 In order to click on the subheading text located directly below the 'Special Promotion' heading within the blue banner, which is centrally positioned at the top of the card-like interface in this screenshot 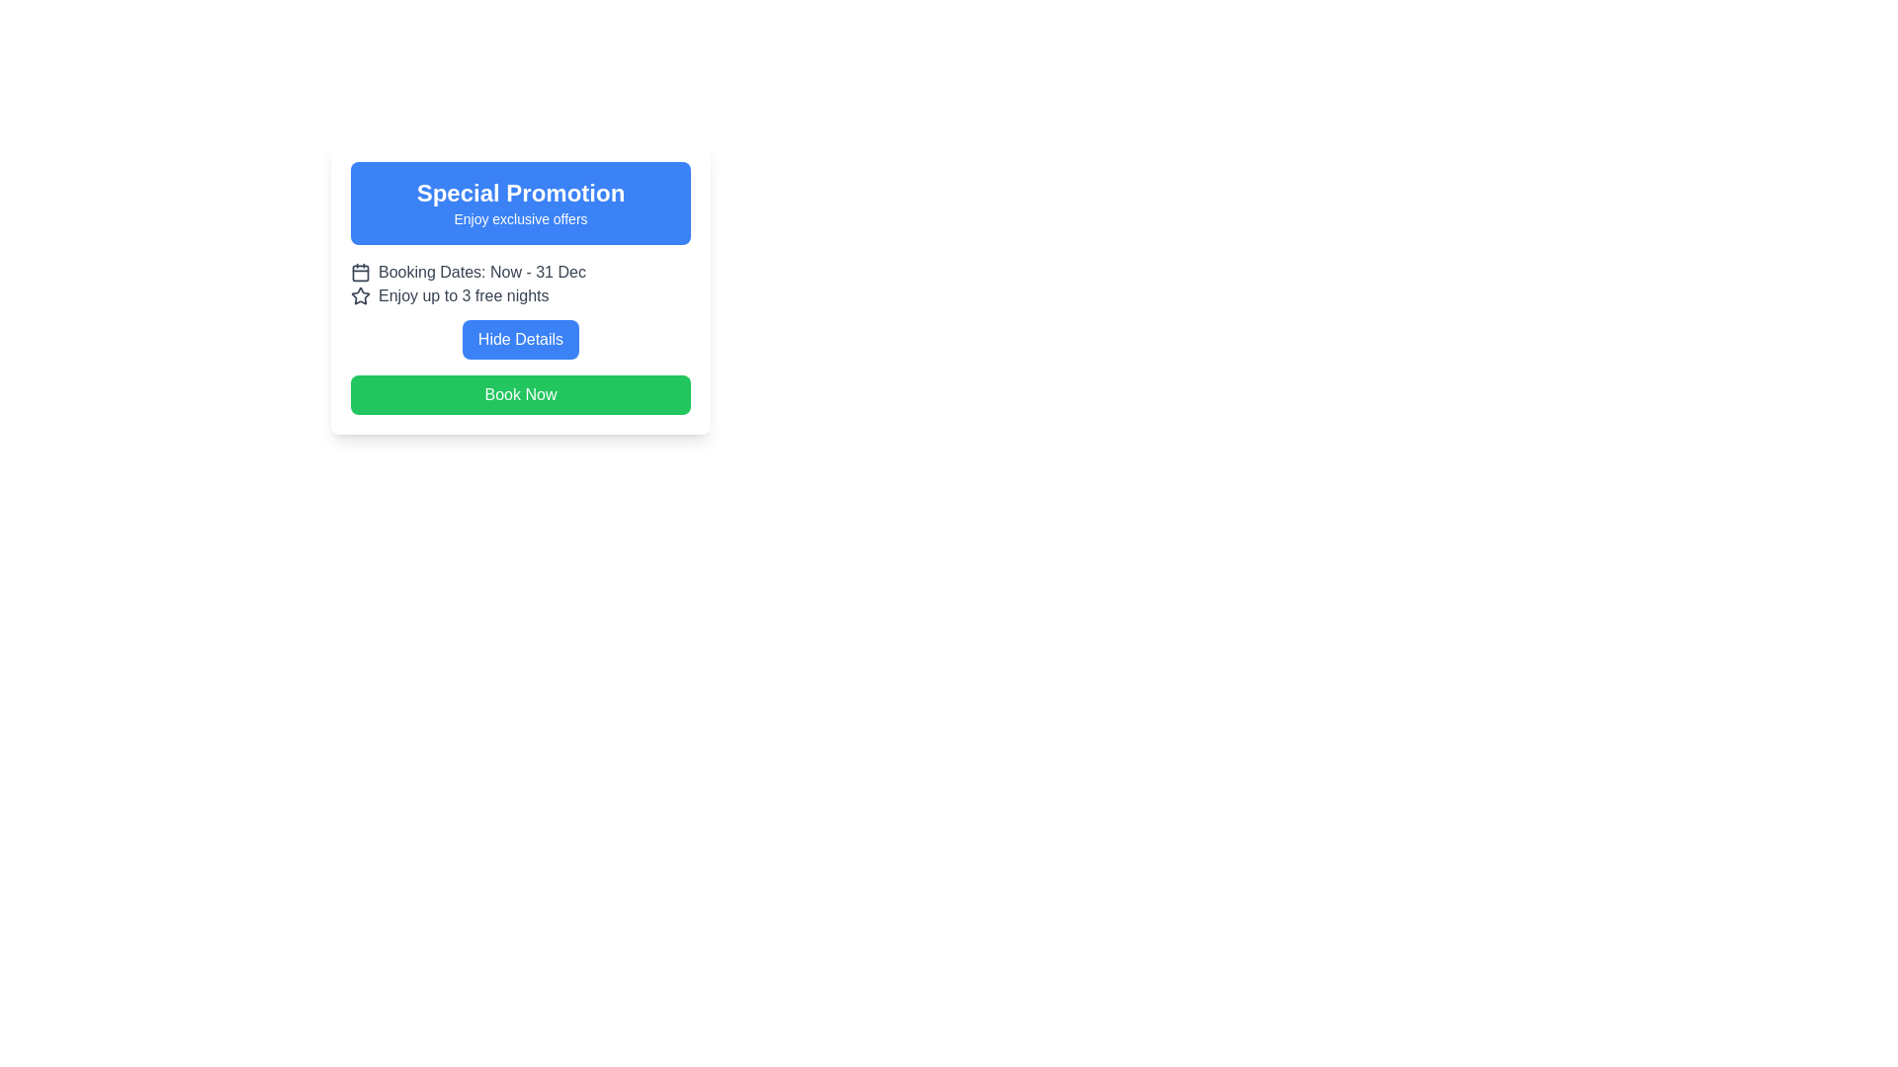, I will do `click(521, 219)`.